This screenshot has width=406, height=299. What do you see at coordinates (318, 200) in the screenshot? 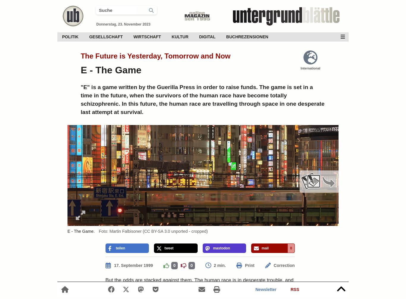
I see `'Mehr Artikel'` at bounding box center [318, 200].